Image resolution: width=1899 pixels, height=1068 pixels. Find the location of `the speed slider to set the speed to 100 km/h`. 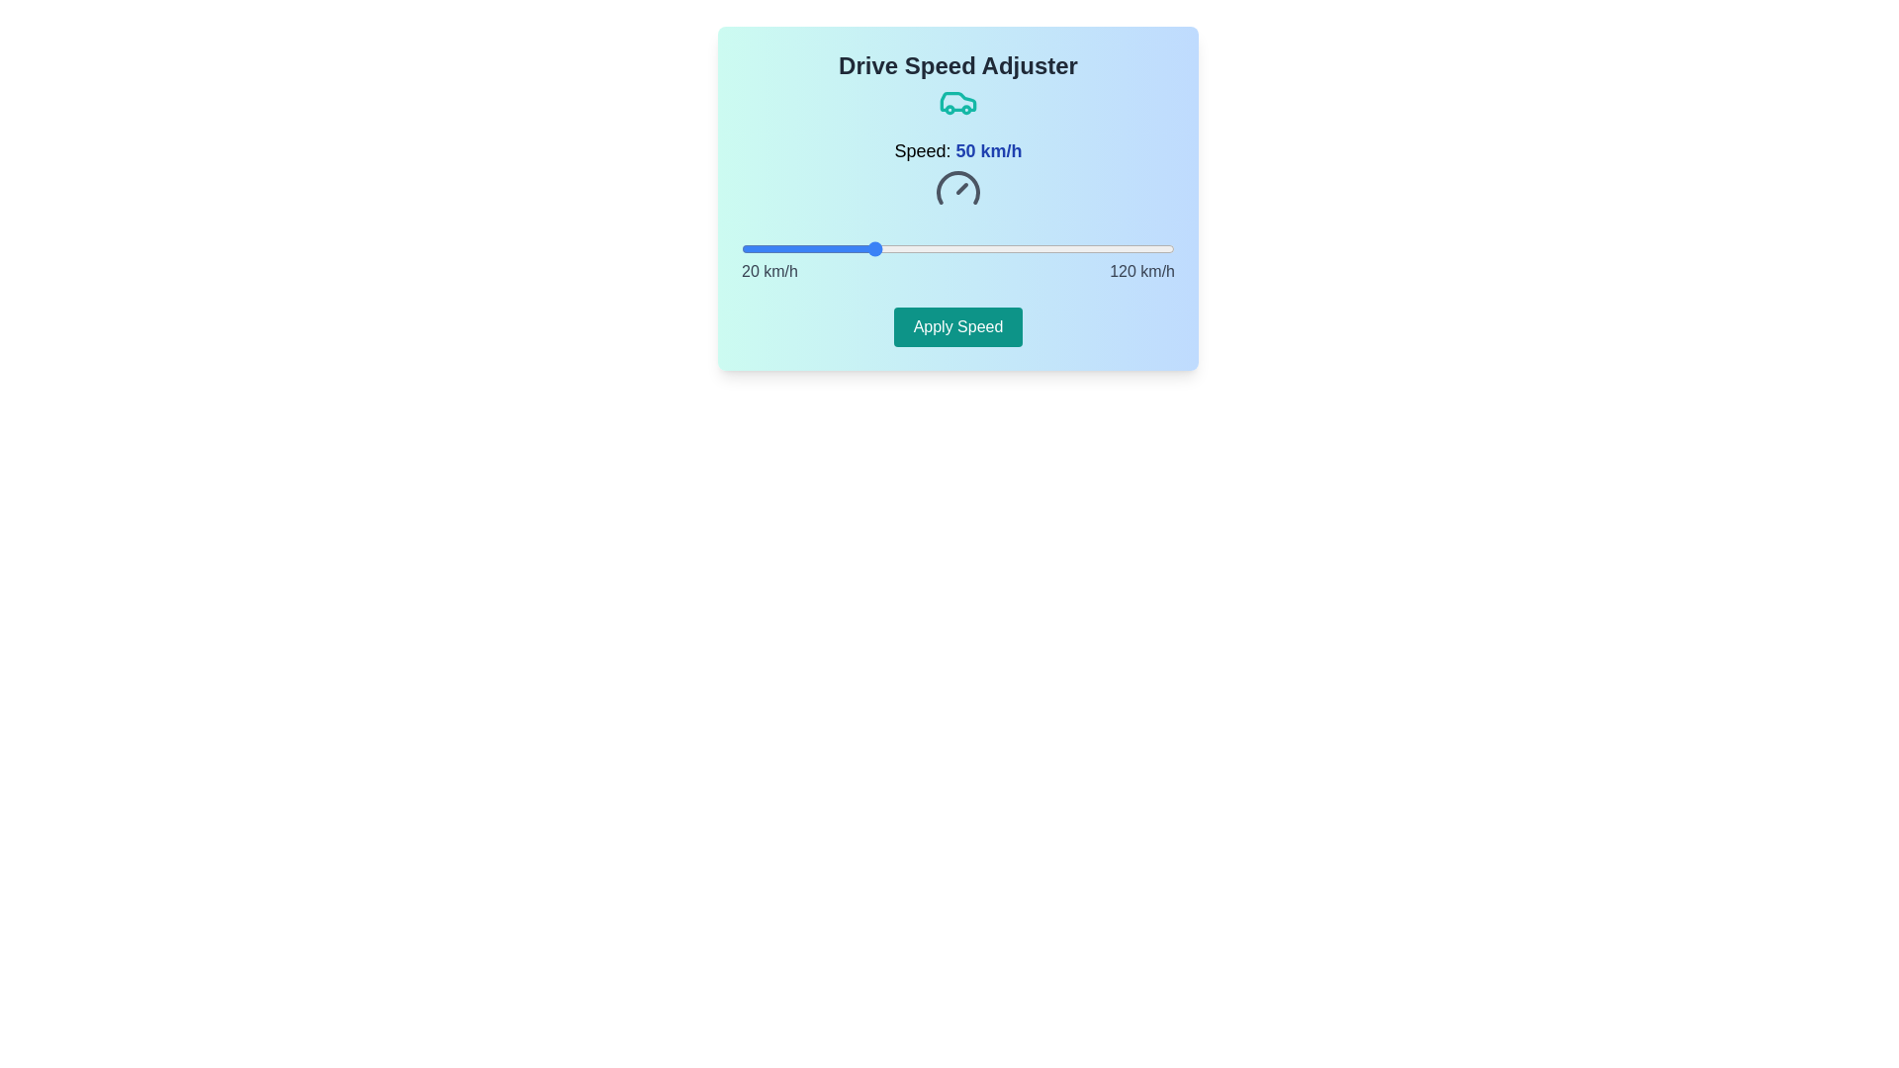

the speed slider to set the speed to 100 km/h is located at coordinates (1087, 247).